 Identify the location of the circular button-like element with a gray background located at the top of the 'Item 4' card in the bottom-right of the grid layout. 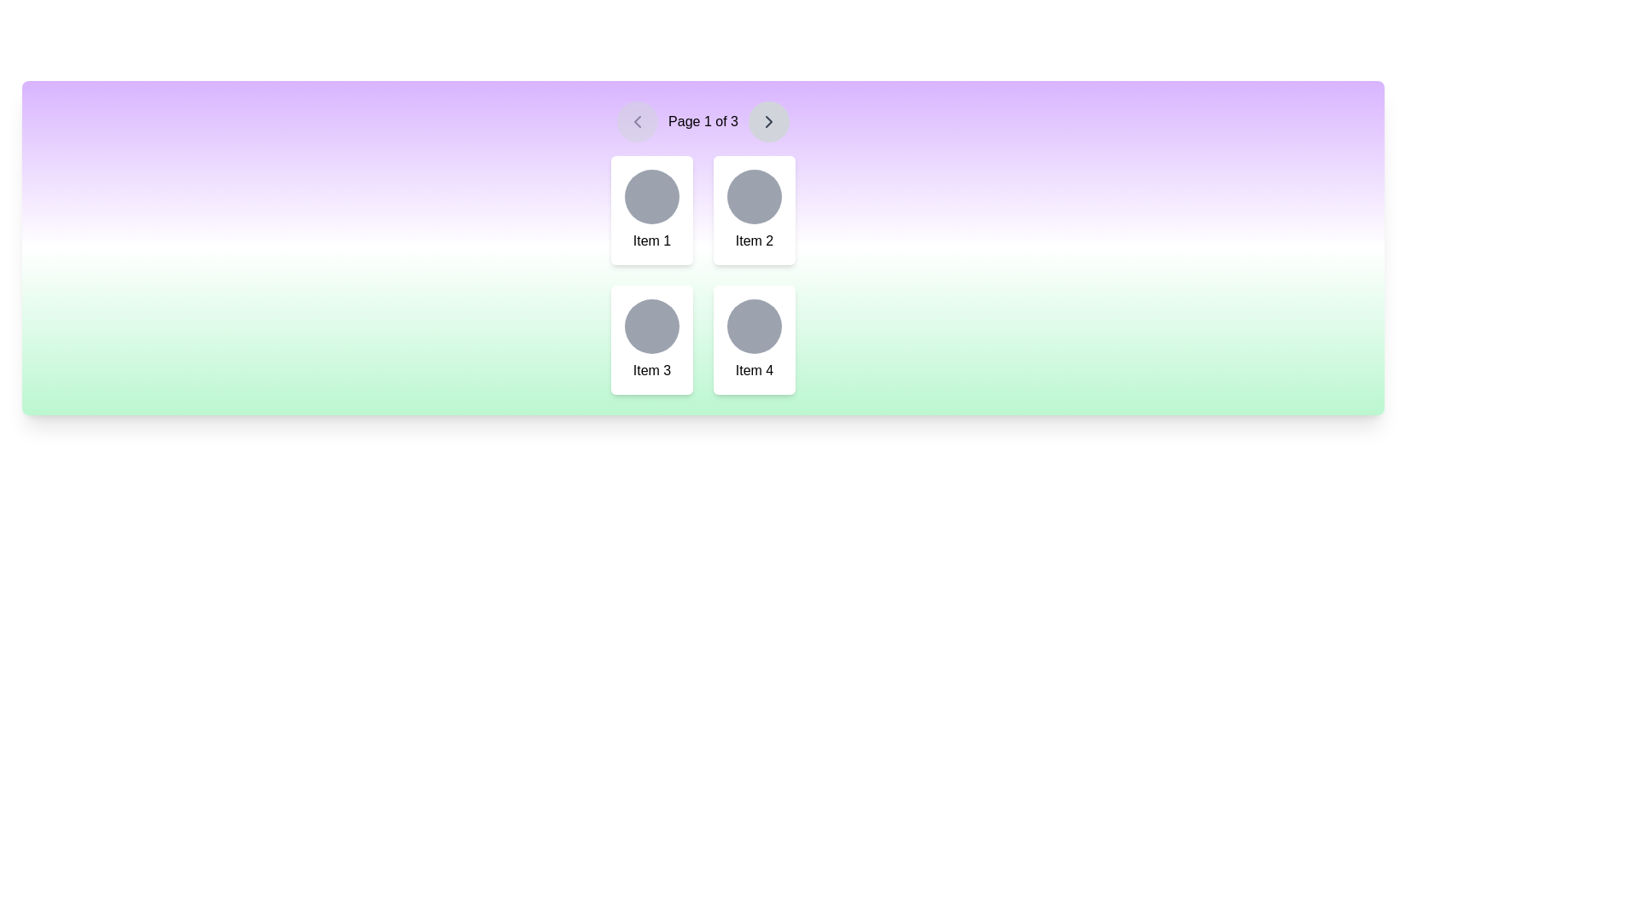
(753, 326).